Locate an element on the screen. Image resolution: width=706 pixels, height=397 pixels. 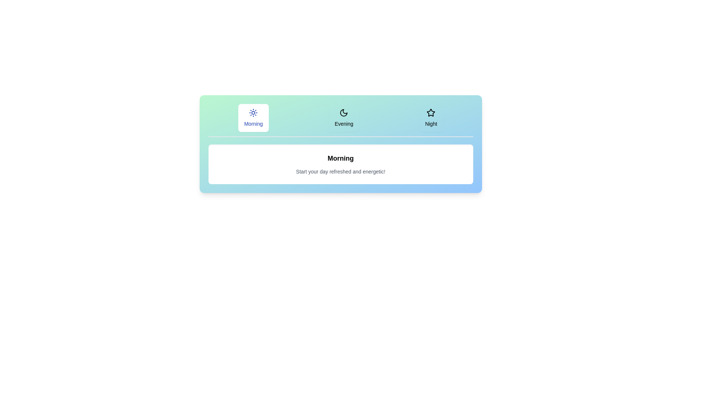
the Evening tab by clicking on it is located at coordinates (343, 117).